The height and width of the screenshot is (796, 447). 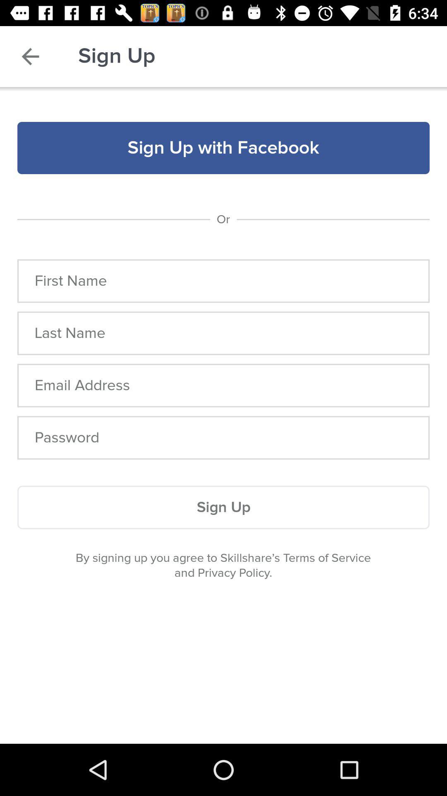 What do you see at coordinates (30, 56) in the screenshot?
I see `the icon to the left of the sign up icon` at bounding box center [30, 56].